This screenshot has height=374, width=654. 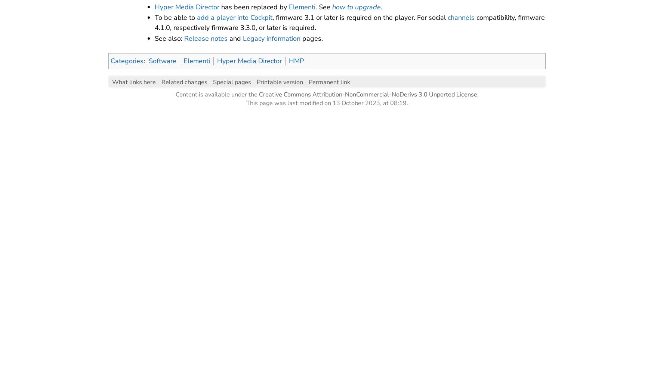 What do you see at coordinates (169, 38) in the screenshot?
I see `'See also:'` at bounding box center [169, 38].